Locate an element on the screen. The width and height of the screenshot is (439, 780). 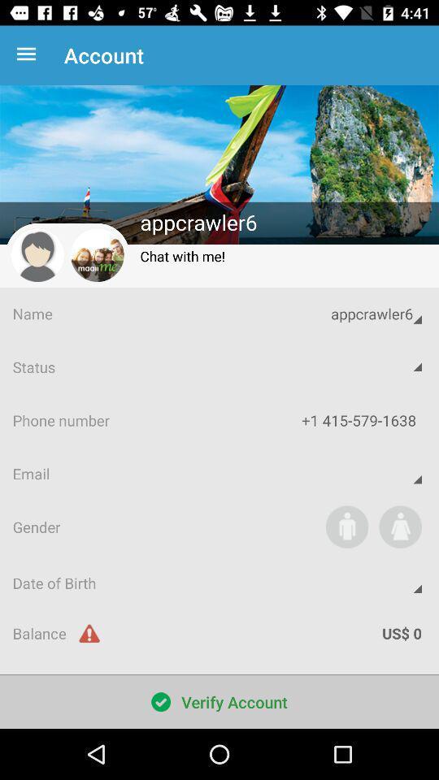
the verify account item is located at coordinates (219, 701).